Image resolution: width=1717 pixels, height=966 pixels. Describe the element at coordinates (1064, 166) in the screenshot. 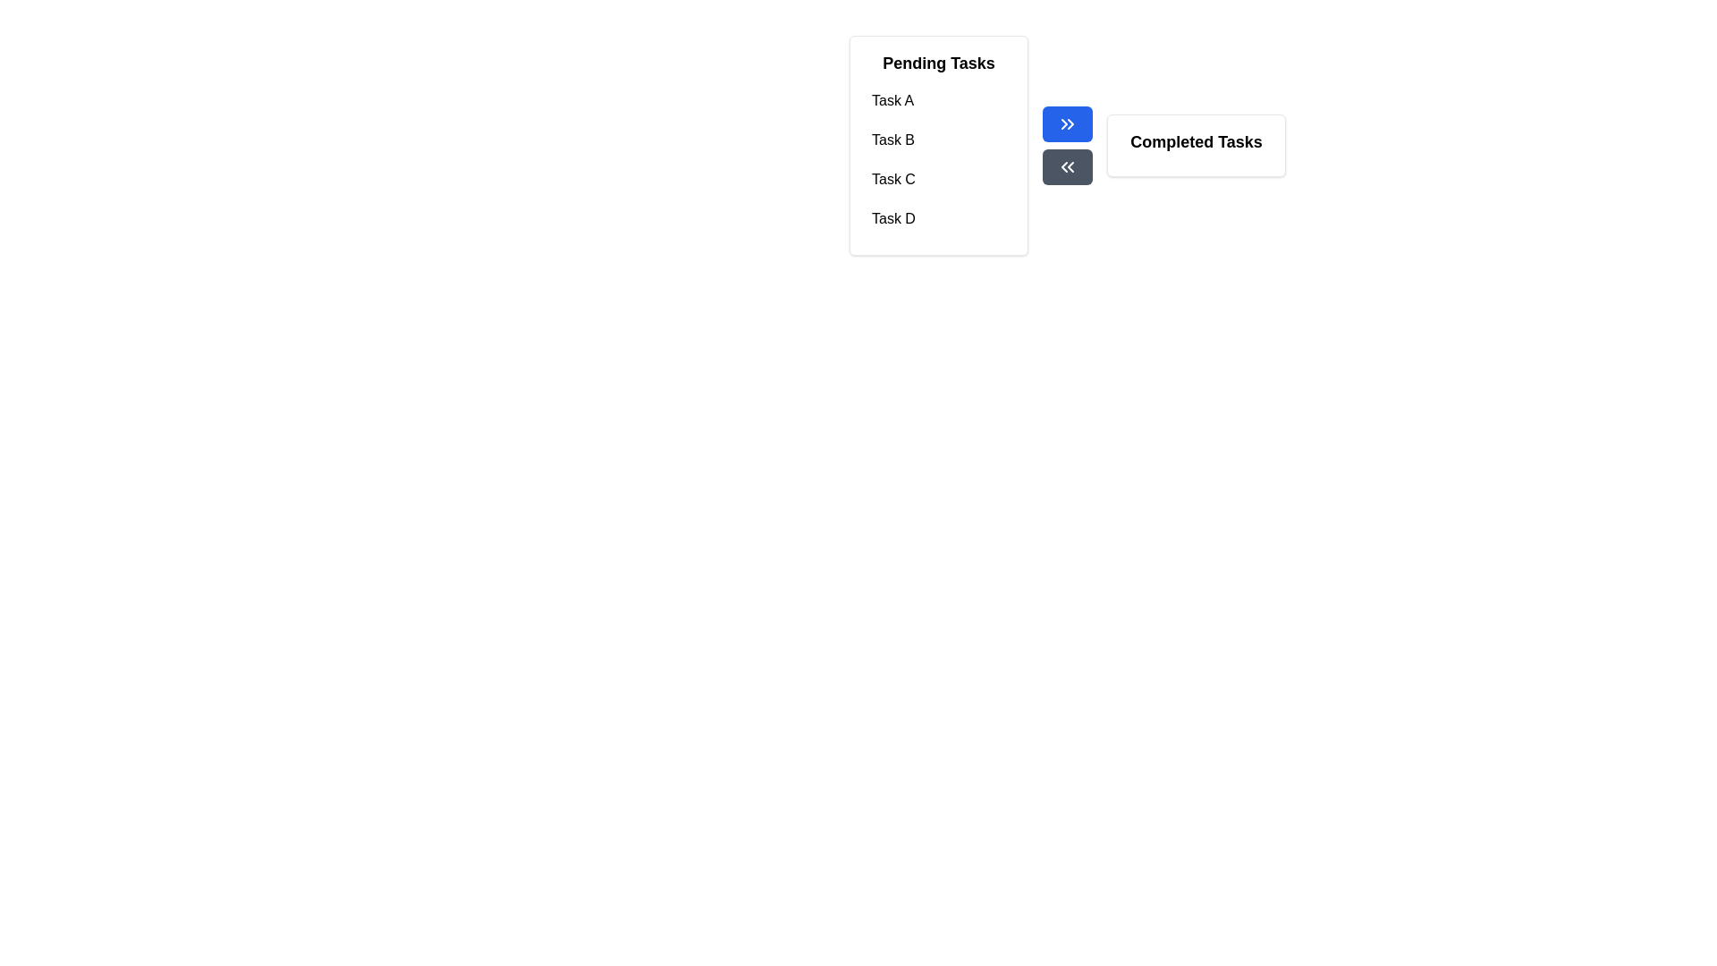

I see `the 'previous' chevron icon within the navigational button` at that location.